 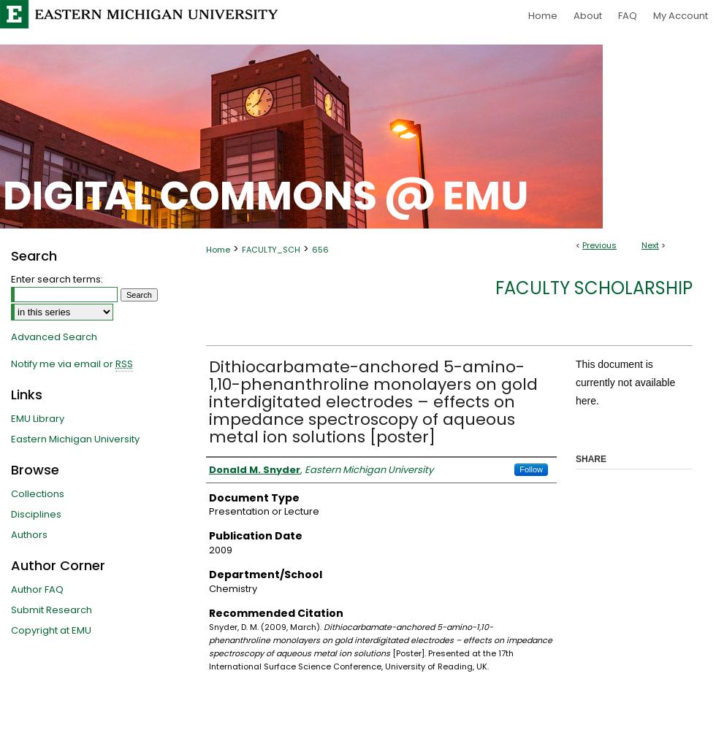 I want to click on 'Document Type', so click(x=208, y=497).